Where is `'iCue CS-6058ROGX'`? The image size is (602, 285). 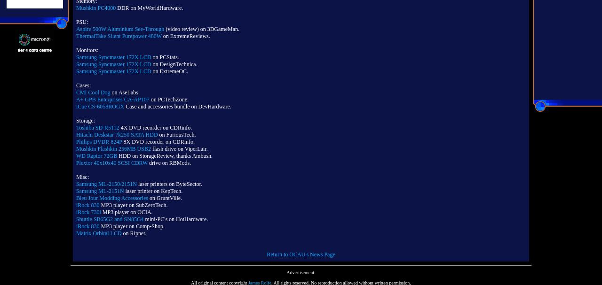
'iCue CS-6058ROGX' is located at coordinates (100, 107).